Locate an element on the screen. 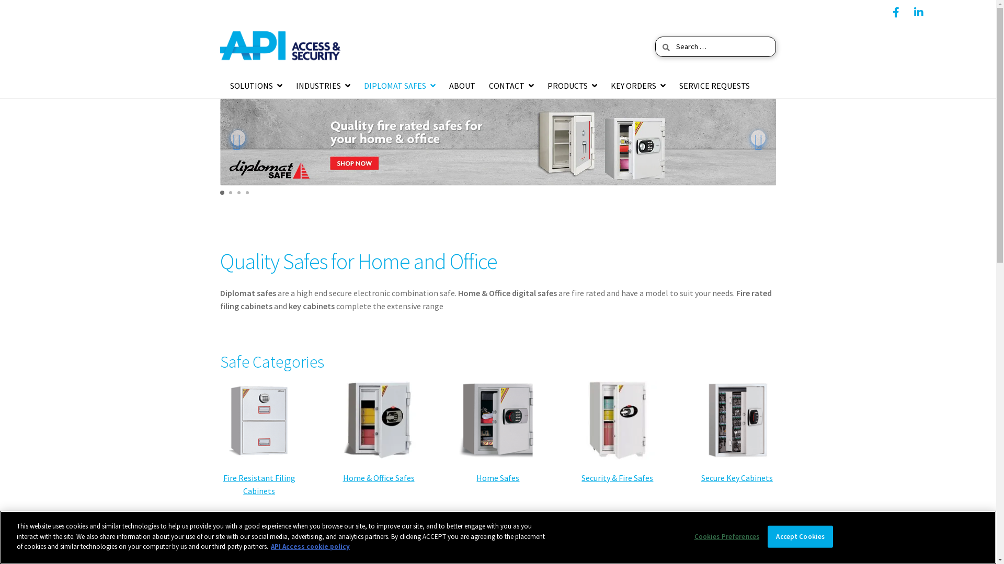 This screenshot has width=1004, height=564. 'KEY ORDERS' is located at coordinates (637, 86).